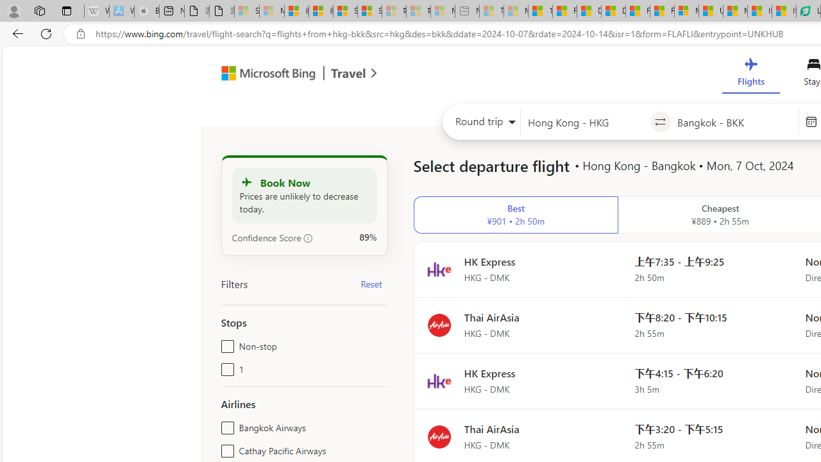  I want to click on '1', so click(225, 367).